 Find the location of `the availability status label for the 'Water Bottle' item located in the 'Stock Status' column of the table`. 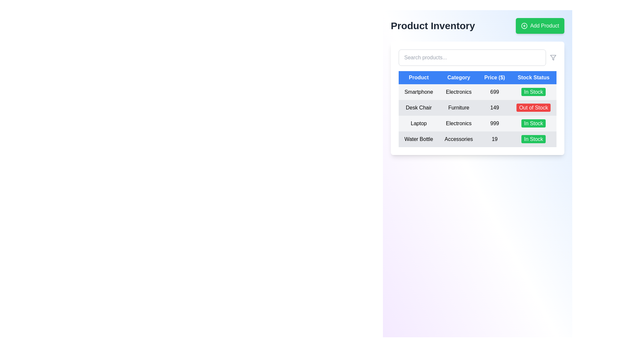

the availability status label for the 'Water Bottle' item located in the 'Stock Status' column of the table is located at coordinates (534, 139).